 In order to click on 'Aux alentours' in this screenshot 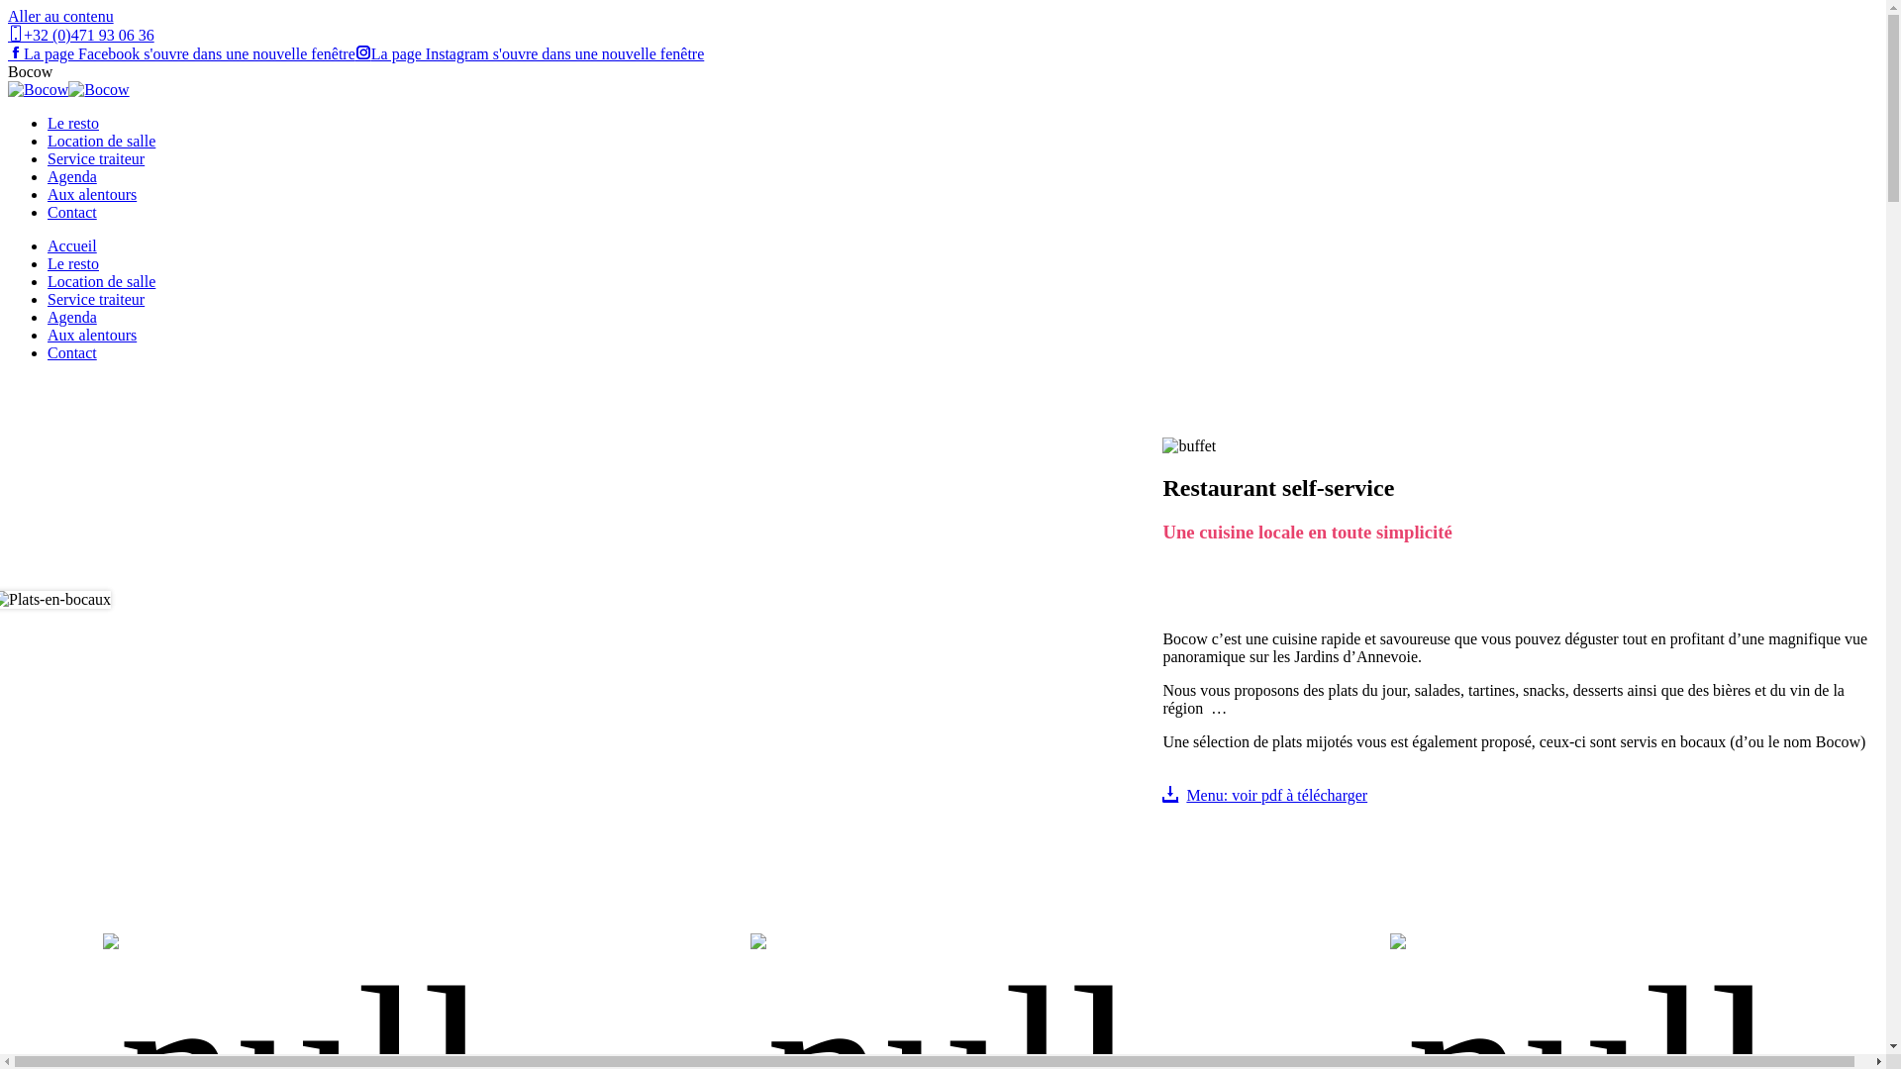, I will do `click(90, 334)`.